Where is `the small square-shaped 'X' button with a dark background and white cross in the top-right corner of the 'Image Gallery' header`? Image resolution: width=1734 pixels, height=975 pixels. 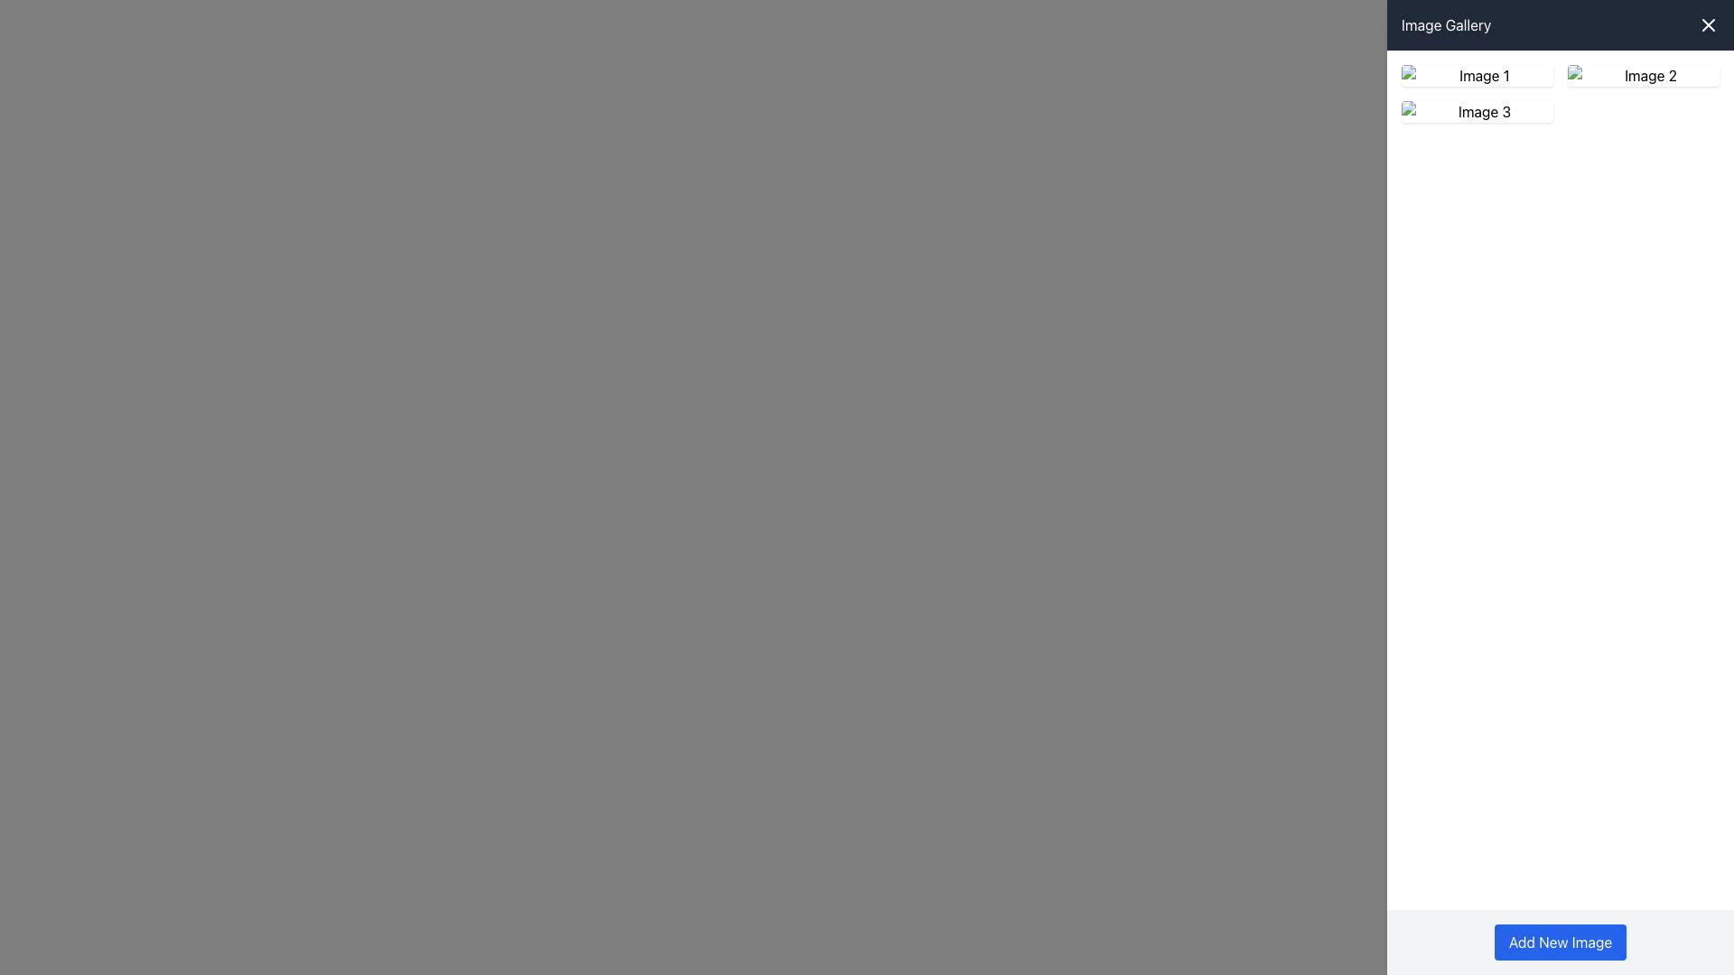
the small square-shaped 'X' button with a dark background and white cross in the top-right corner of the 'Image Gallery' header is located at coordinates (1707, 24).